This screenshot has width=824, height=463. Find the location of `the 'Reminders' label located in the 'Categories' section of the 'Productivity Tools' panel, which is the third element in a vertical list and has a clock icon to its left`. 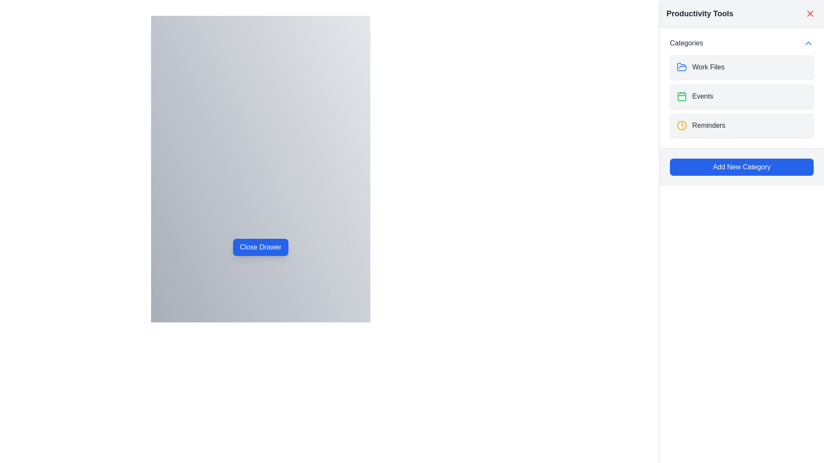

the 'Reminders' label located in the 'Categories' section of the 'Productivity Tools' panel, which is the third element in a vertical list and has a clock icon to its left is located at coordinates (709, 126).